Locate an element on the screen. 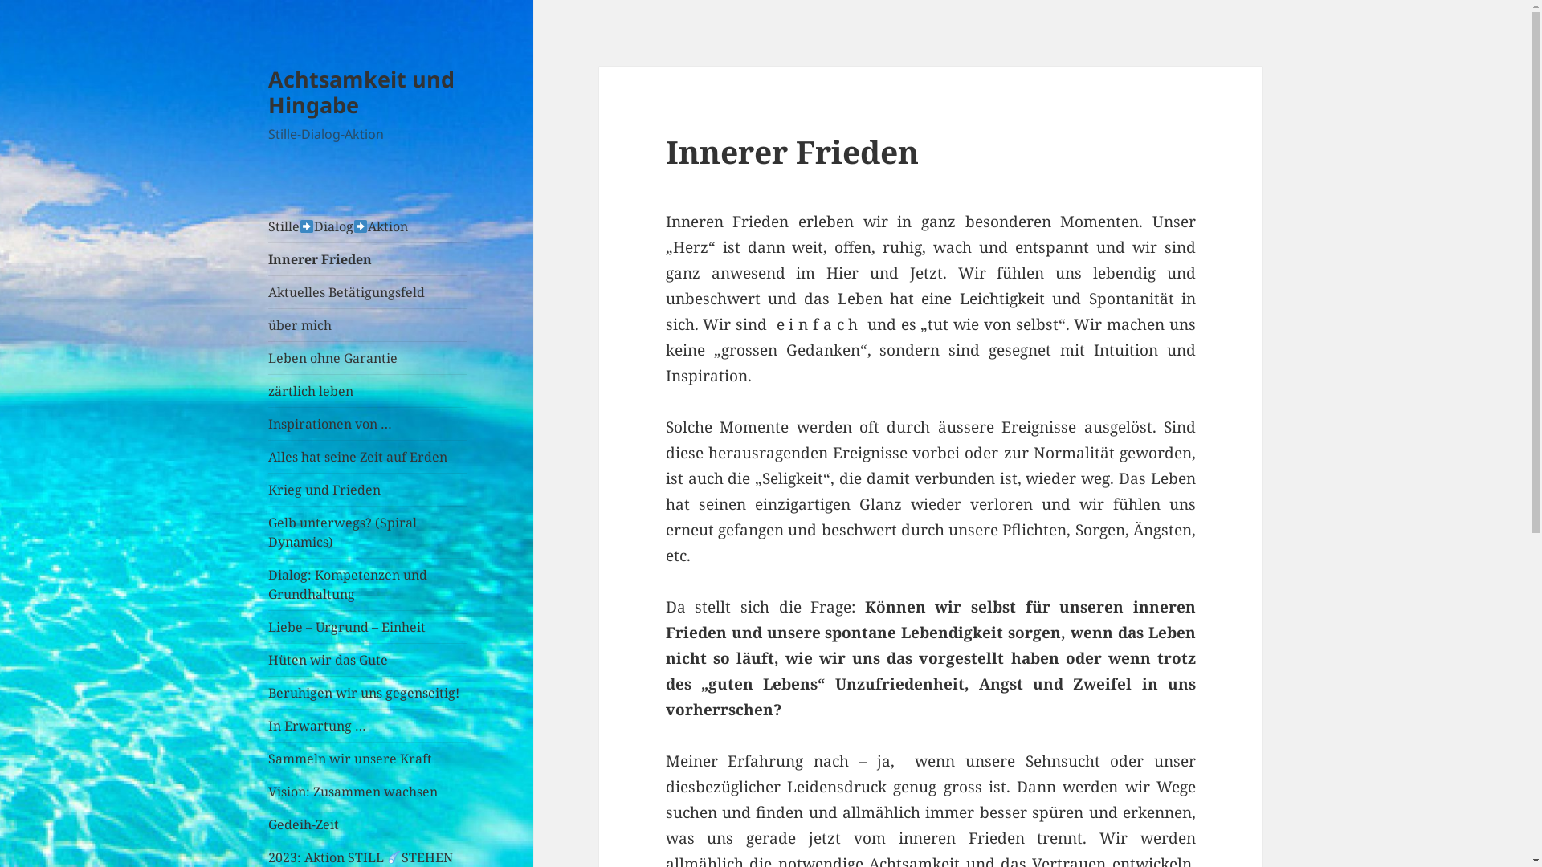  'Leben ohne Garantie' is located at coordinates (366, 357).